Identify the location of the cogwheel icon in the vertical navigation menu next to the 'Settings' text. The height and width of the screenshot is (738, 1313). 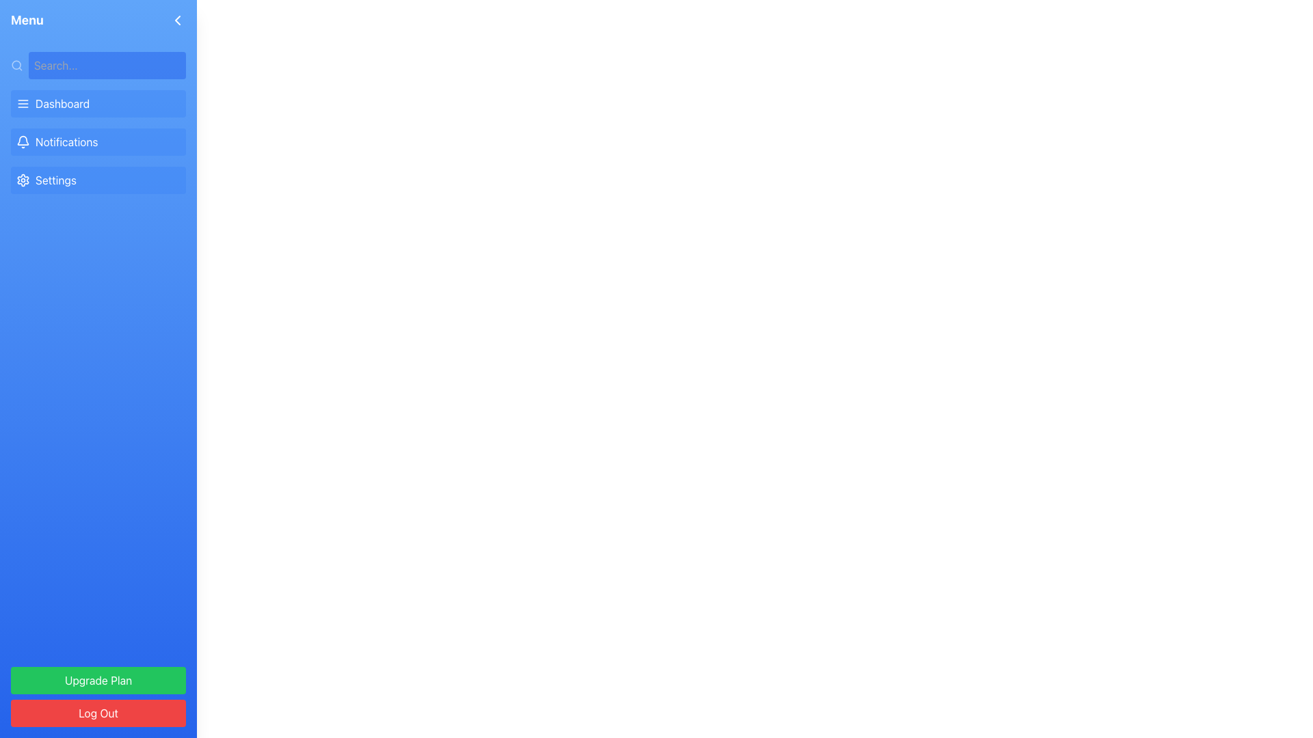
(23, 179).